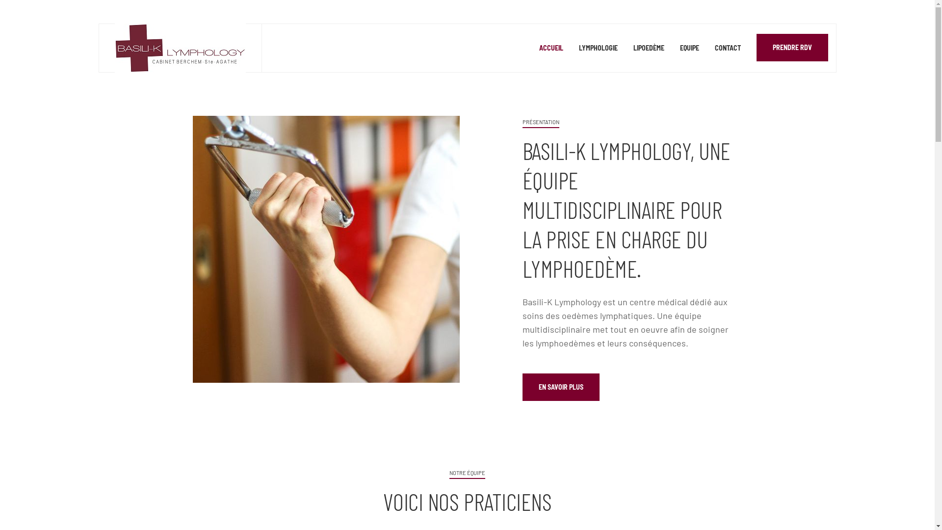  What do you see at coordinates (598, 48) in the screenshot?
I see `'LYMPHOLOGIE'` at bounding box center [598, 48].